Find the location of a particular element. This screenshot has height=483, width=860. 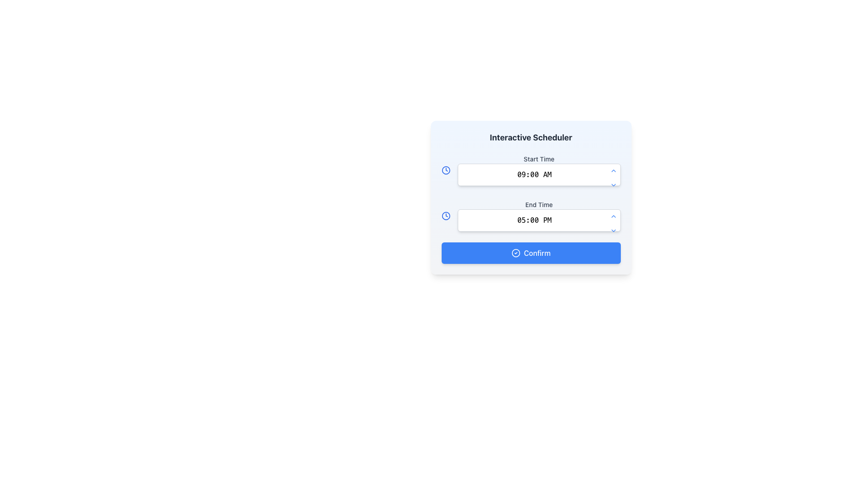

the static text label that describes the start time input field, which is centrally located in the upper section of the Interactive Scheduler form interface is located at coordinates (538, 158).